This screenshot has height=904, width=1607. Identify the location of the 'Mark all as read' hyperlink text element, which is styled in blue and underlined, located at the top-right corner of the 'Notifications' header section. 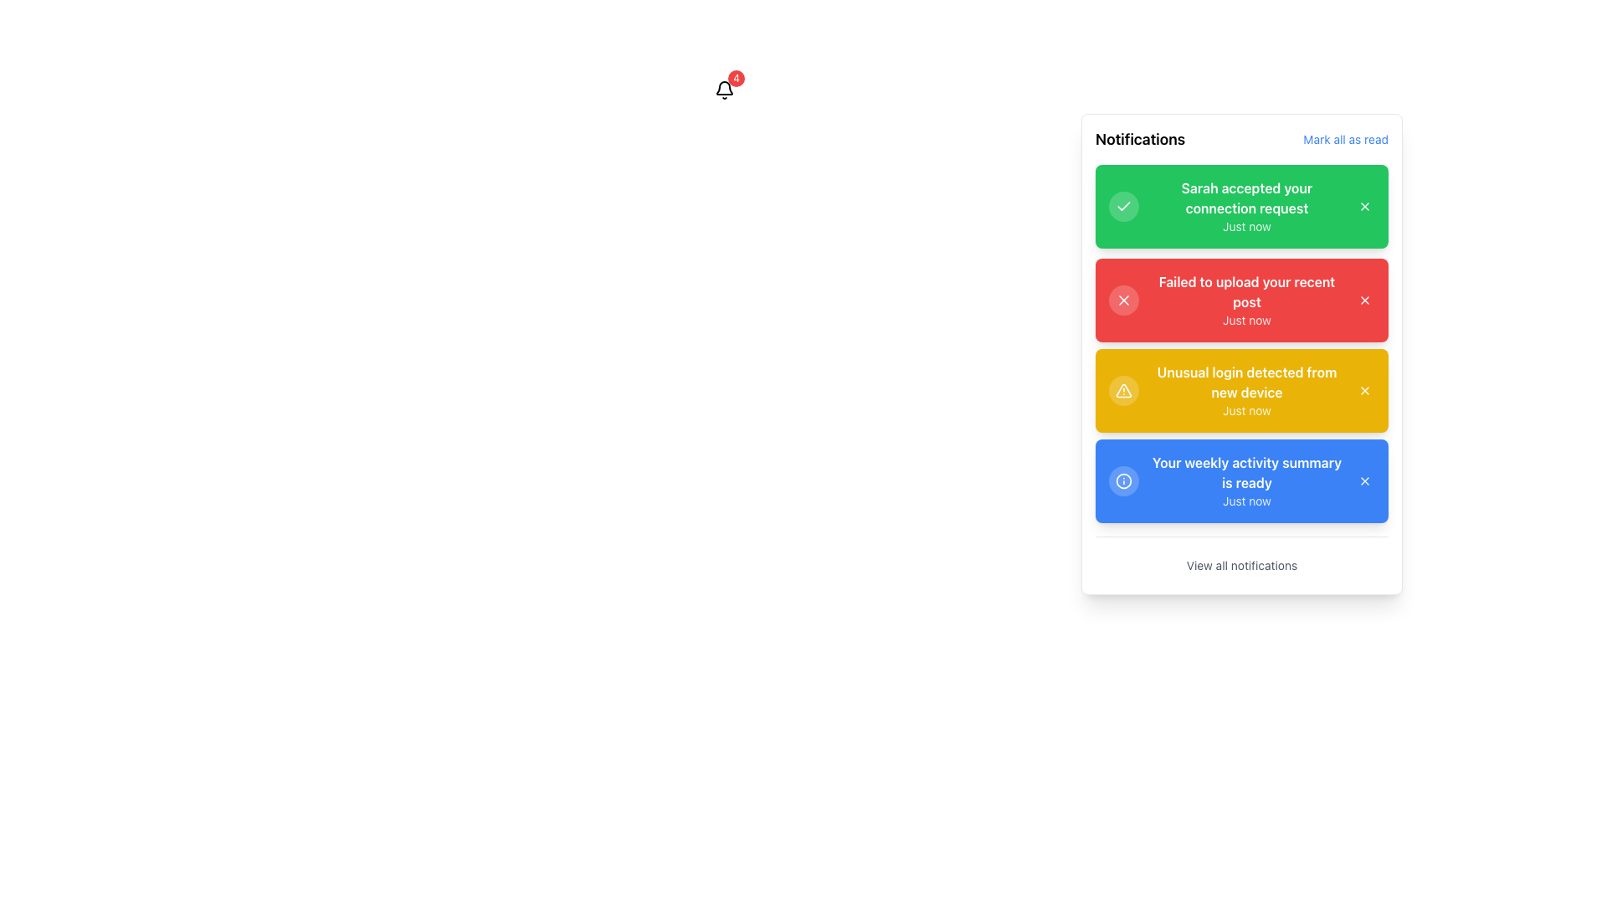
(1346, 138).